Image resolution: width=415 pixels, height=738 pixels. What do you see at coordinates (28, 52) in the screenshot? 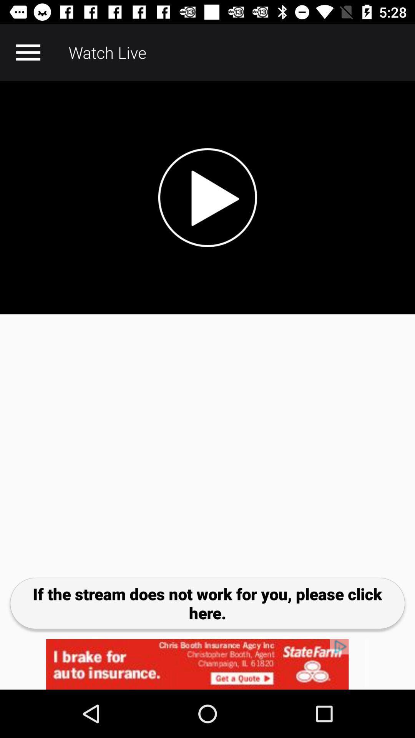
I see `the menu icon` at bounding box center [28, 52].